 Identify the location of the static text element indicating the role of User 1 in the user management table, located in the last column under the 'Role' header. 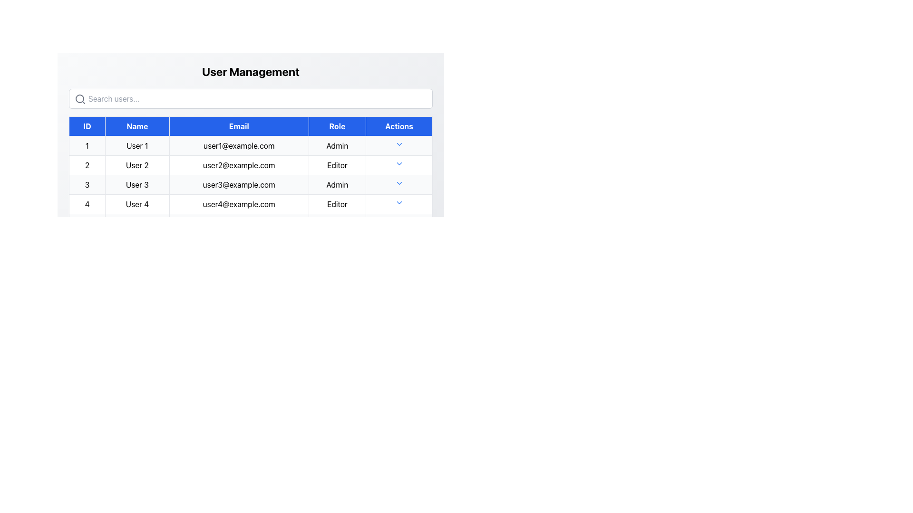
(337, 146).